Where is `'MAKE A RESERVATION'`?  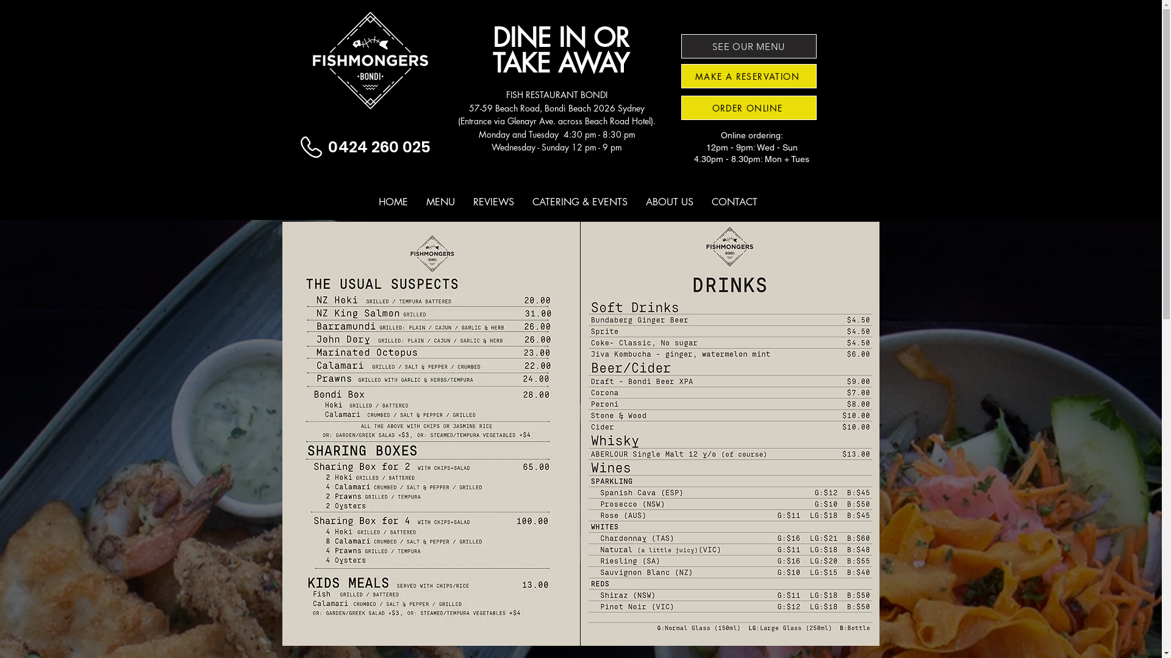
'MAKE A RESERVATION' is located at coordinates (748, 76).